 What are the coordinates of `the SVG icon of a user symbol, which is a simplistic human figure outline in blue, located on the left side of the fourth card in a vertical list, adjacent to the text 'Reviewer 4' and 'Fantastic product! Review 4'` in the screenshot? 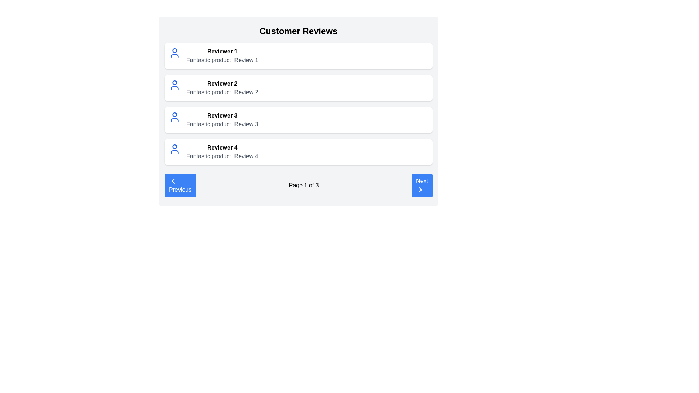 It's located at (175, 148).